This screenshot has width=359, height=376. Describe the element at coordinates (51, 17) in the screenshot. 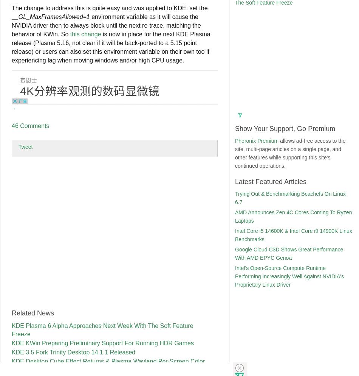

I see `'__GL_MaxFramesAllowed=1'` at that location.